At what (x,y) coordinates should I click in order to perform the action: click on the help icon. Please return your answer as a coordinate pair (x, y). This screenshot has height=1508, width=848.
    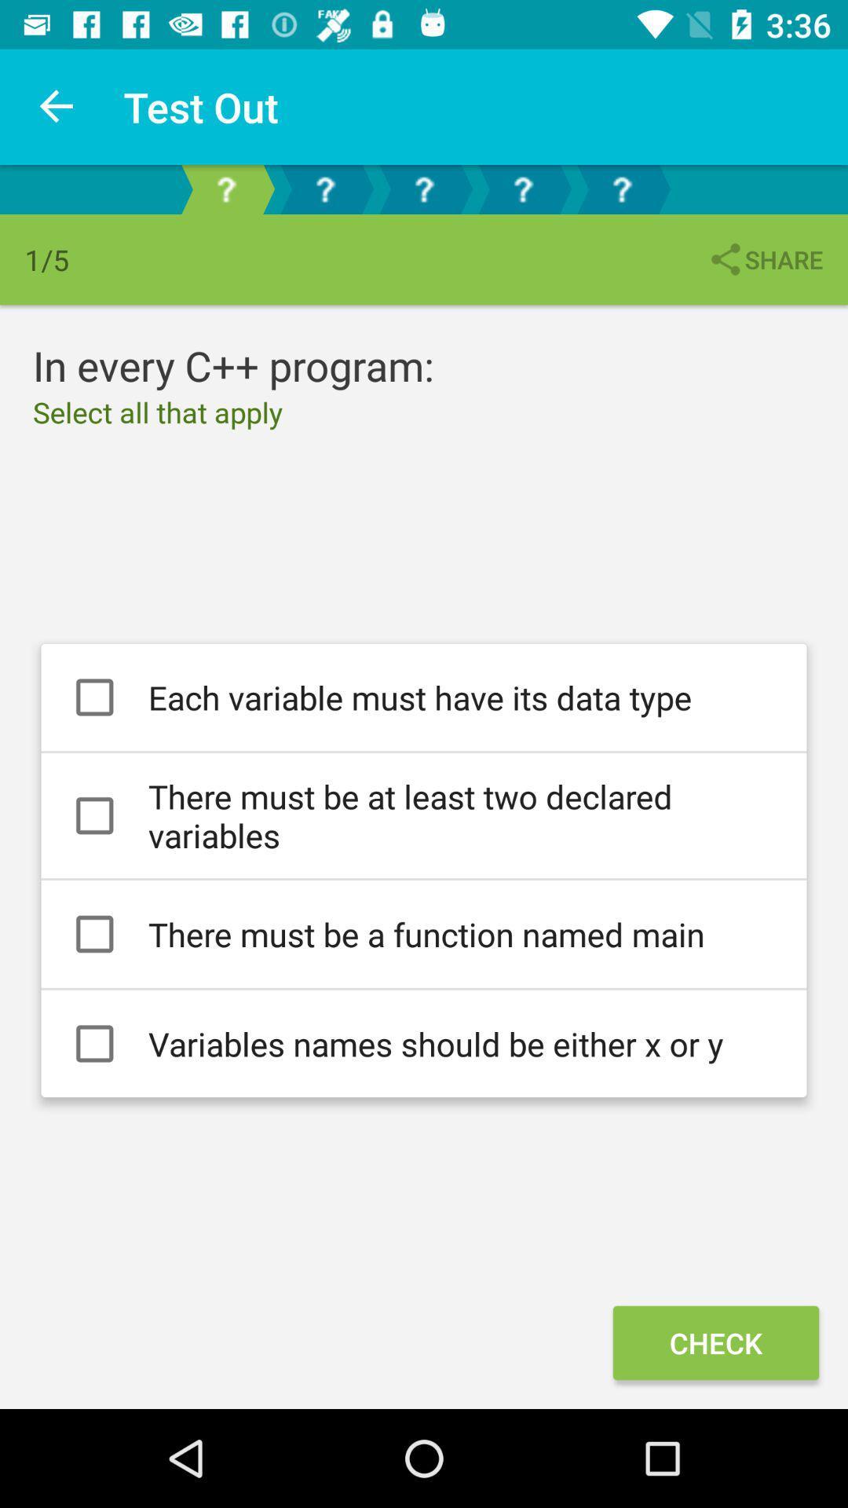
    Looking at the image, I should click on (424, 188).